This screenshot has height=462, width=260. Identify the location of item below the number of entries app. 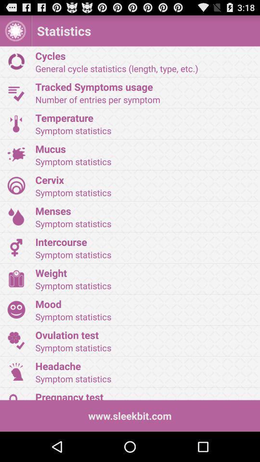
(144, 117).